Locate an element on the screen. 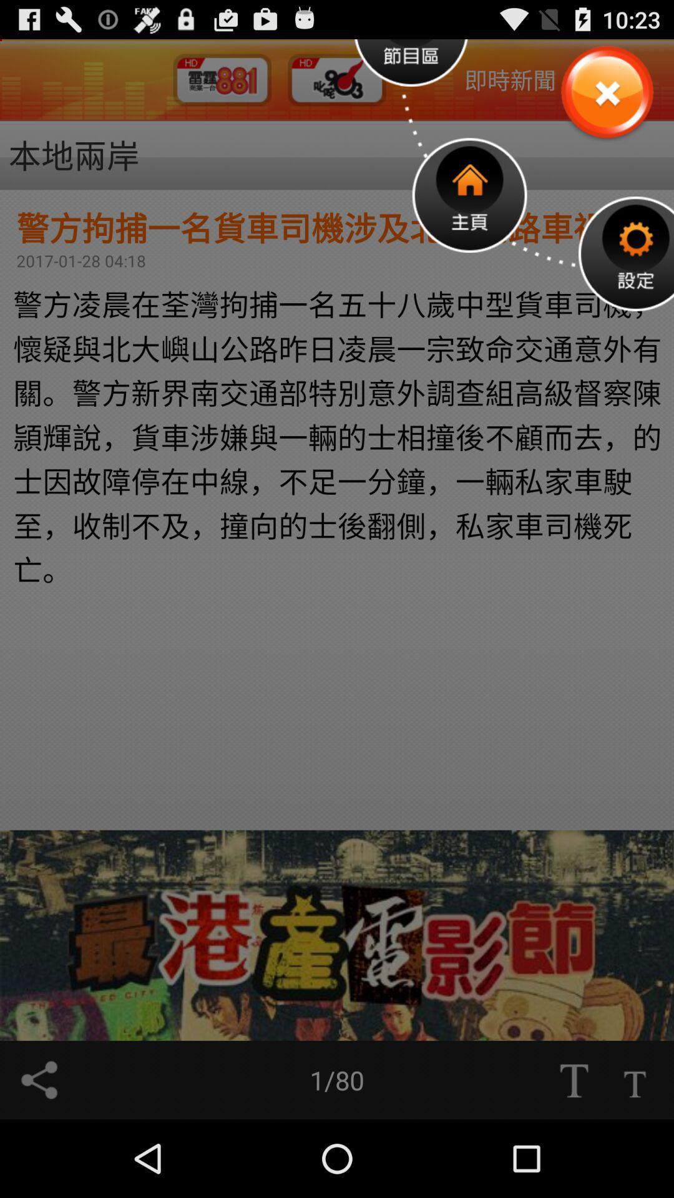  close is located at coordinates (606, 92).